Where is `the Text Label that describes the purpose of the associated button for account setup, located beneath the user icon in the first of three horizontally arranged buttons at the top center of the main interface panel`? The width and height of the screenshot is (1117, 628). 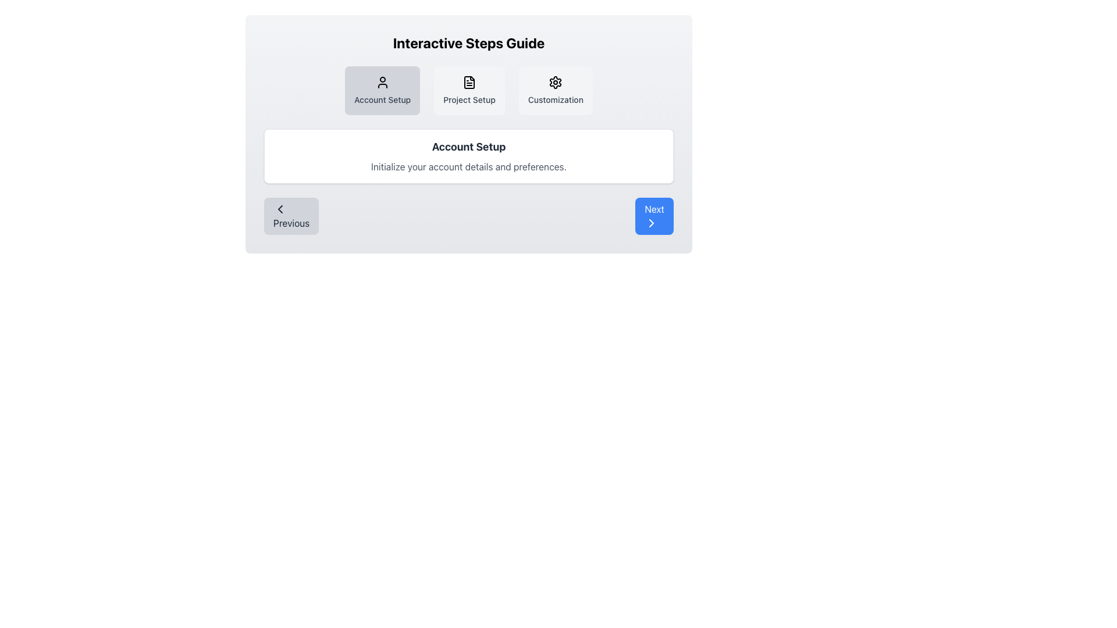 the Text Label that describes the purpose of the associated button for account setup, located beneath the user icon in the first of three horizontally arranged buttons at the top center of the main interface panel is located at coordinates (382, 99).